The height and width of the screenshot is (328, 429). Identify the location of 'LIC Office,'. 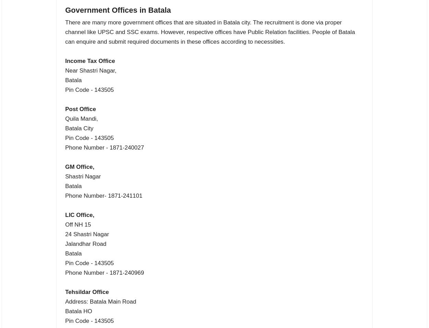
(79, 214).